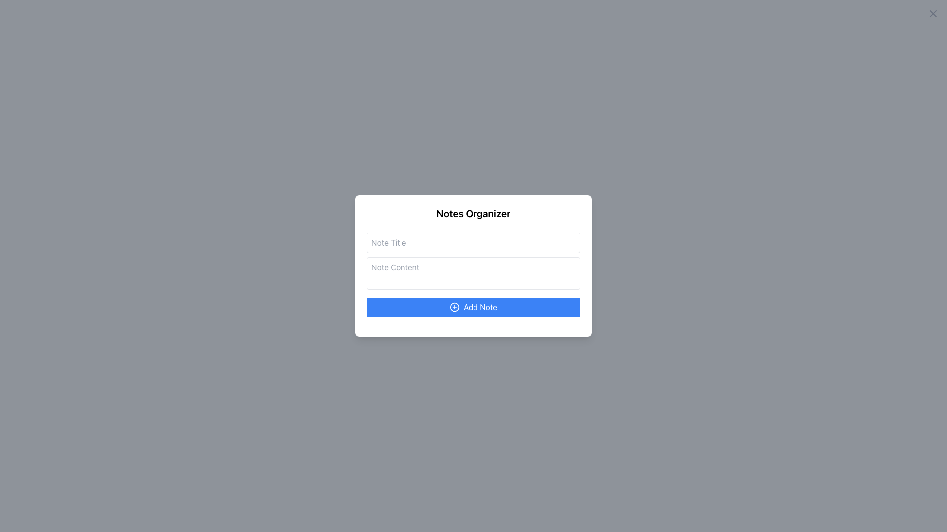  What do you see at coordinates (454, 307) in the screenshot?
I see `the SVG icon located on the left side of the 'Add Note' button` at bounding box center [454, 307].